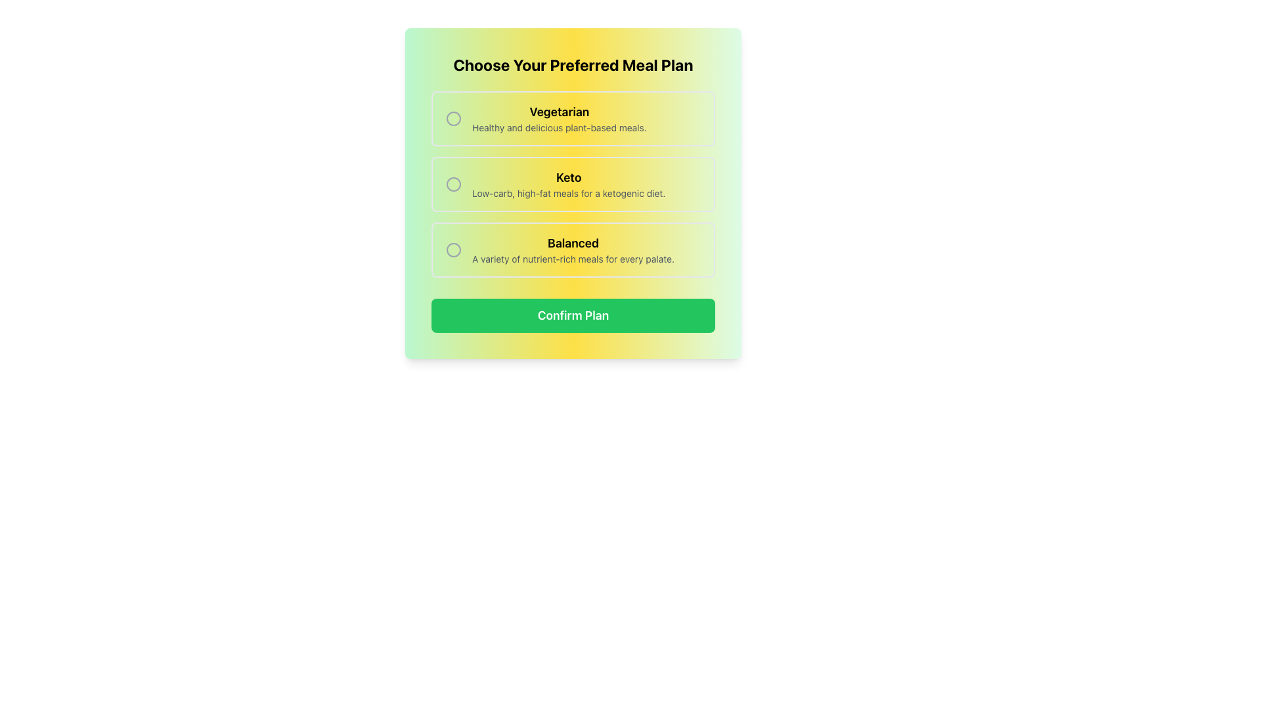 The height and width of the screenshot is (709, 1261). Describe the element at coordinates (559, 119) in the screenshot. I see `the text element that describes the 'Vegetarian' meal plan option` at that location.